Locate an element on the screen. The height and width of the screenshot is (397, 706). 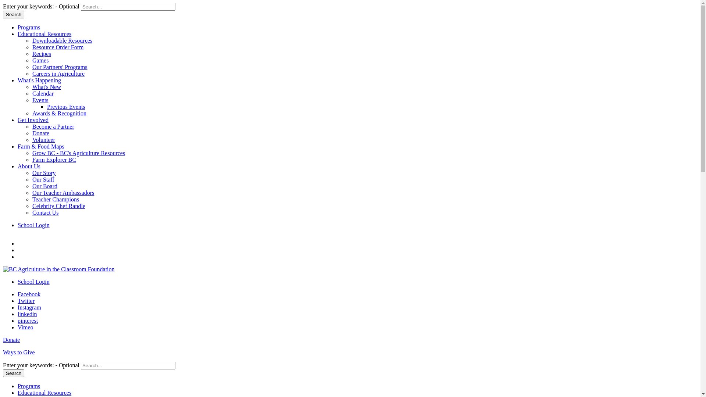
'Grow BC - BC's Agriculture Resources' is located at coordinates (79, 153).